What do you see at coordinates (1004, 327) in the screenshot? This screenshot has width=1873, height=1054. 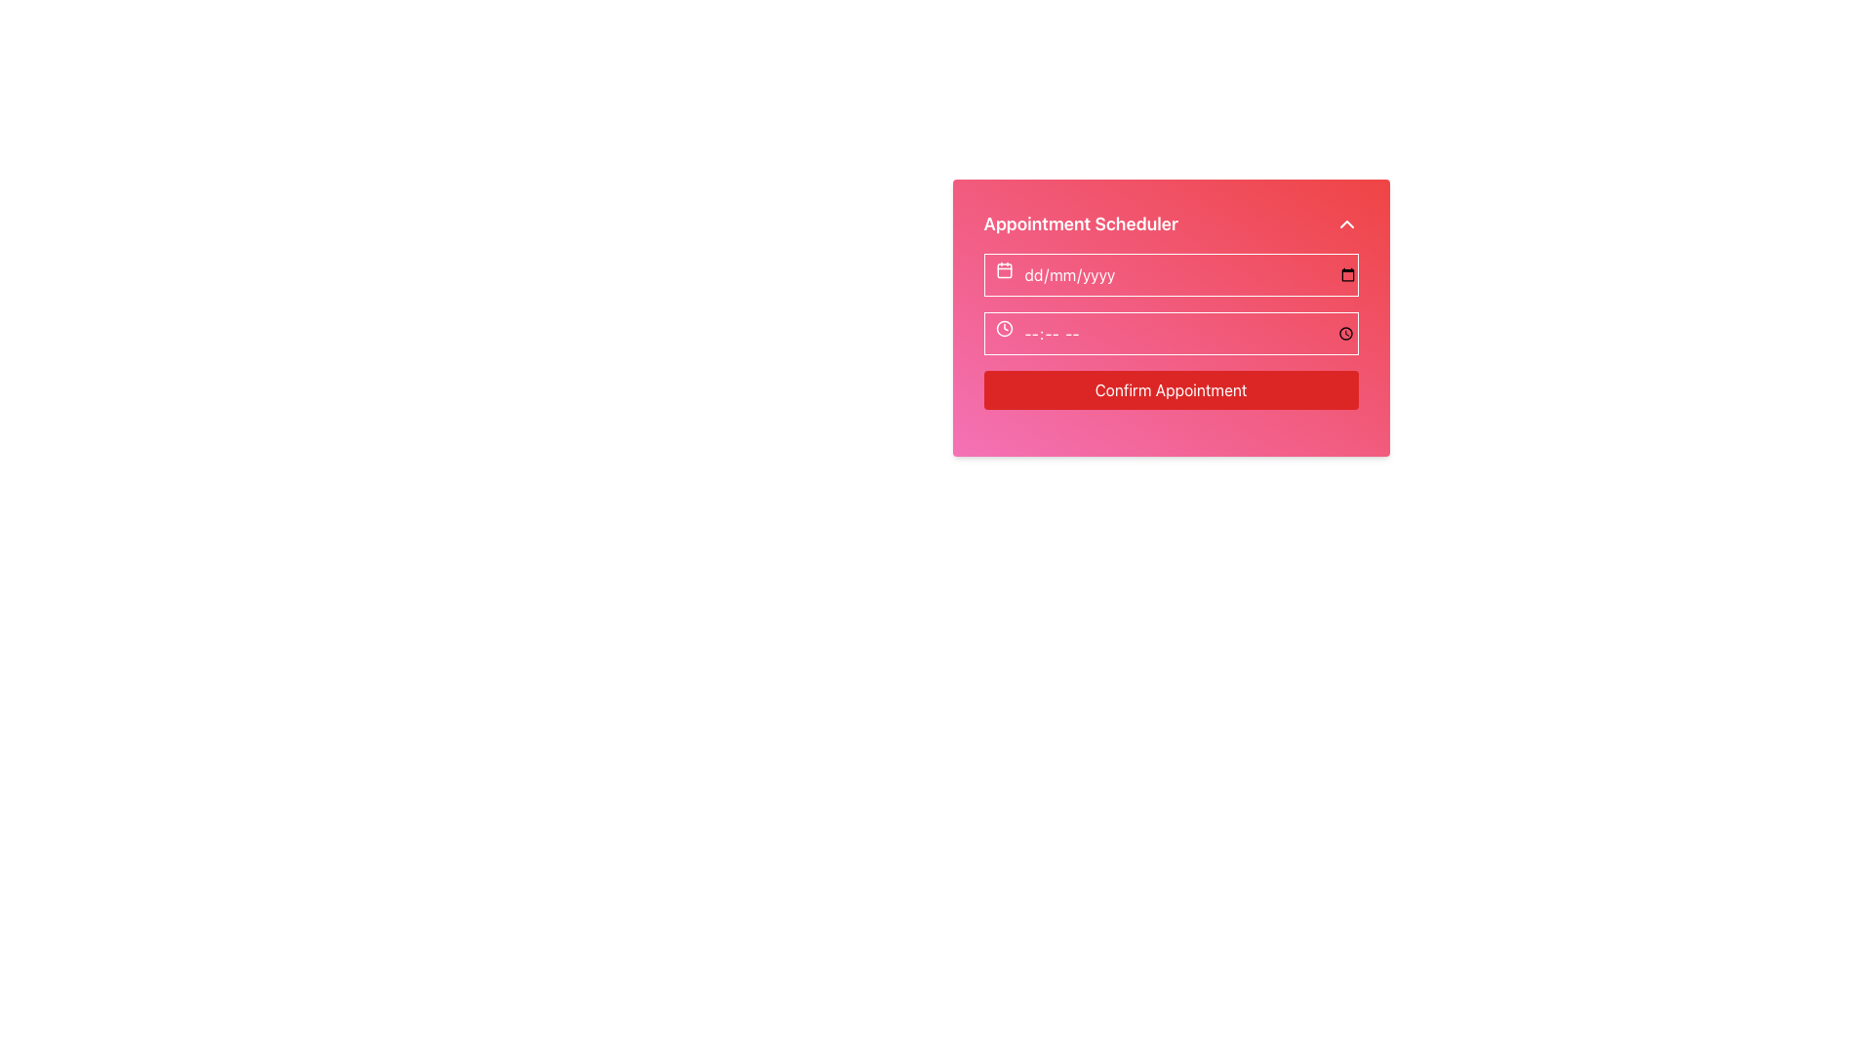 I see `the time input icon located on the left side of the time input field, which serves as a visual cue for users to enter or select a time` at bounding box center [1004, 327].